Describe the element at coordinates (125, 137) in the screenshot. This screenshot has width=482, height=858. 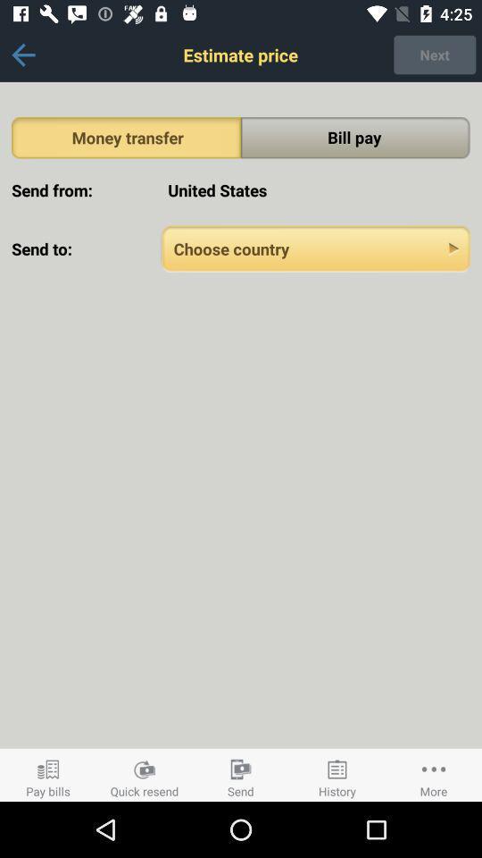
I see `icon next to the bill pay icon` at that location.